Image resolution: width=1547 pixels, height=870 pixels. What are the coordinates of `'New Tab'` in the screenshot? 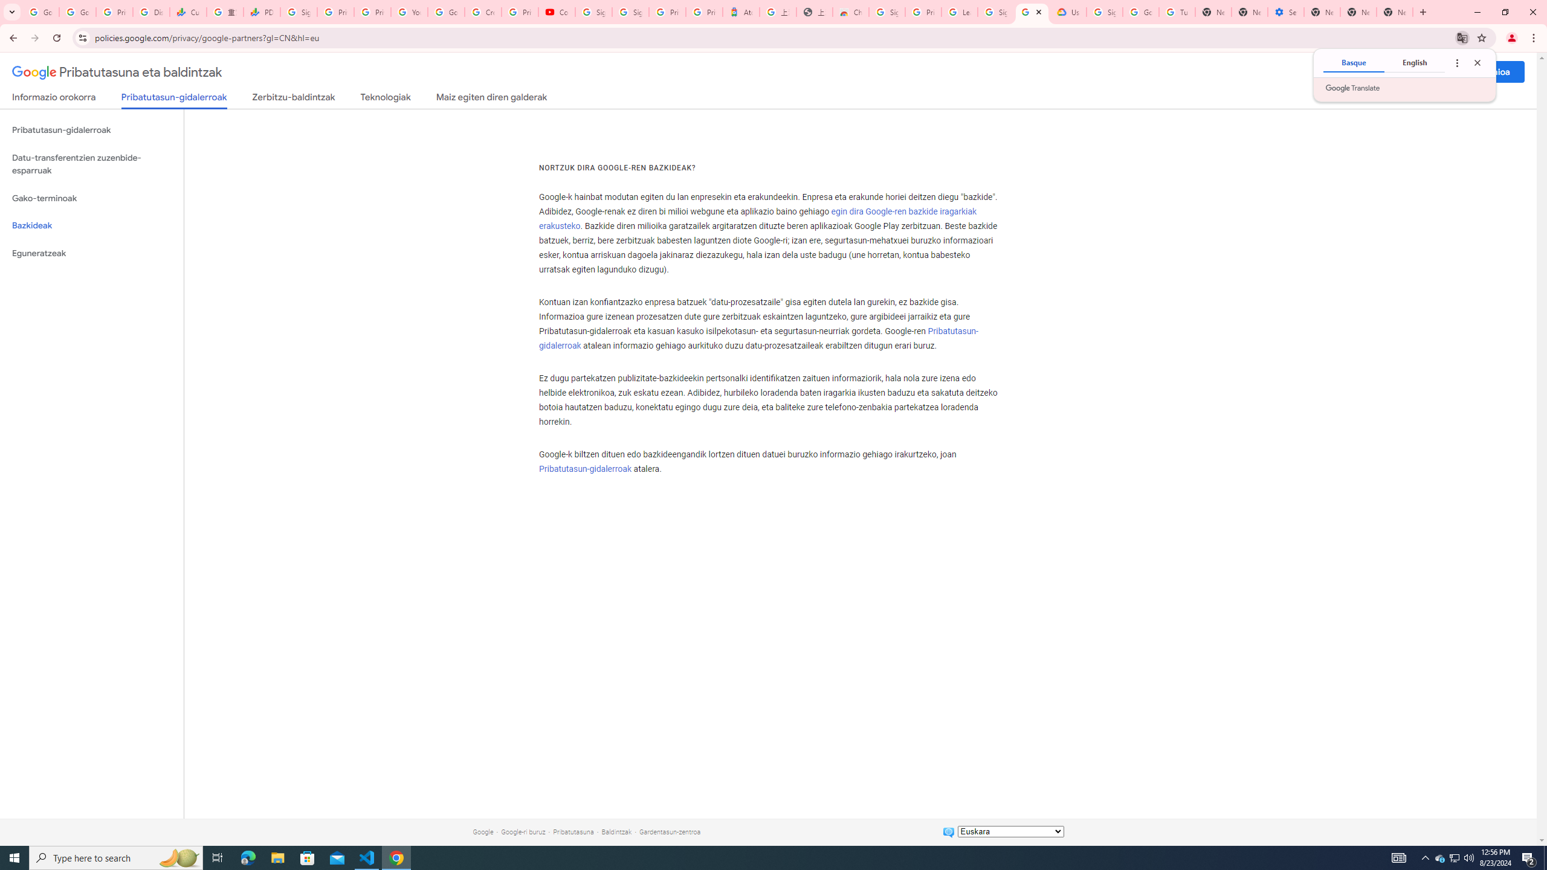 It's located at (1394, 11).